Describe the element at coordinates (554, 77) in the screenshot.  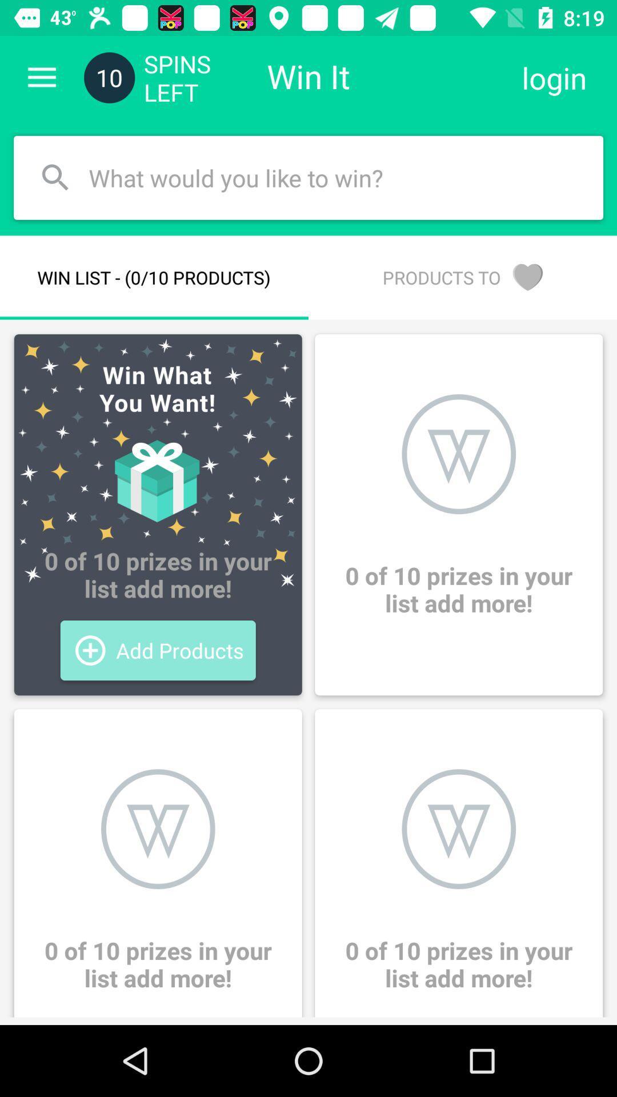
I see `the icon to the right of win it icon` at that location.